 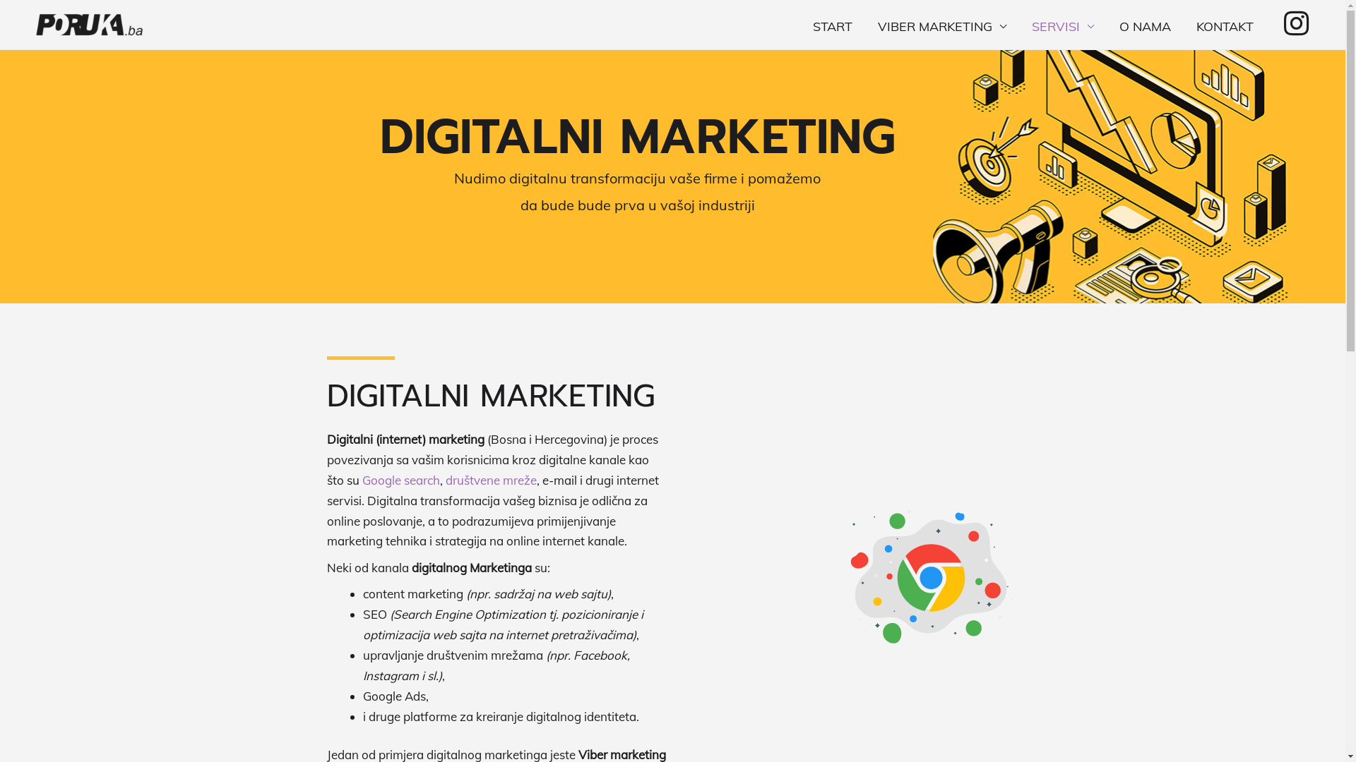 What do you see at coordinates (941, 26) in the screenshot?
I see `'VIBER MARKETING'` at bounding box center [941, 26].